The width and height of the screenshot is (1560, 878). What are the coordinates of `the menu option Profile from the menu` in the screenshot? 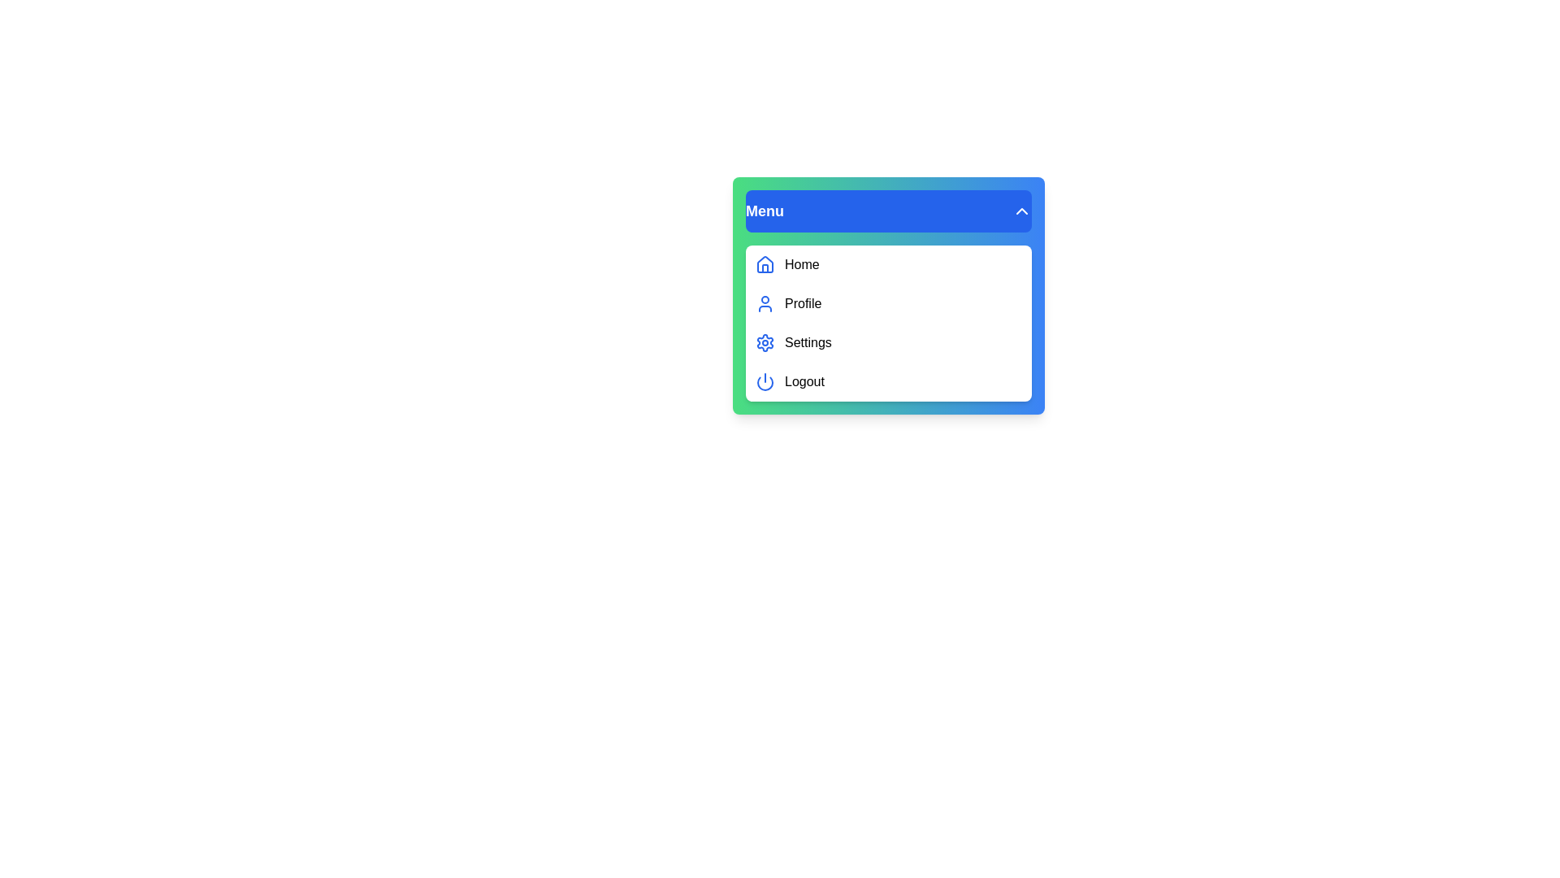 It's located at (888, 304).